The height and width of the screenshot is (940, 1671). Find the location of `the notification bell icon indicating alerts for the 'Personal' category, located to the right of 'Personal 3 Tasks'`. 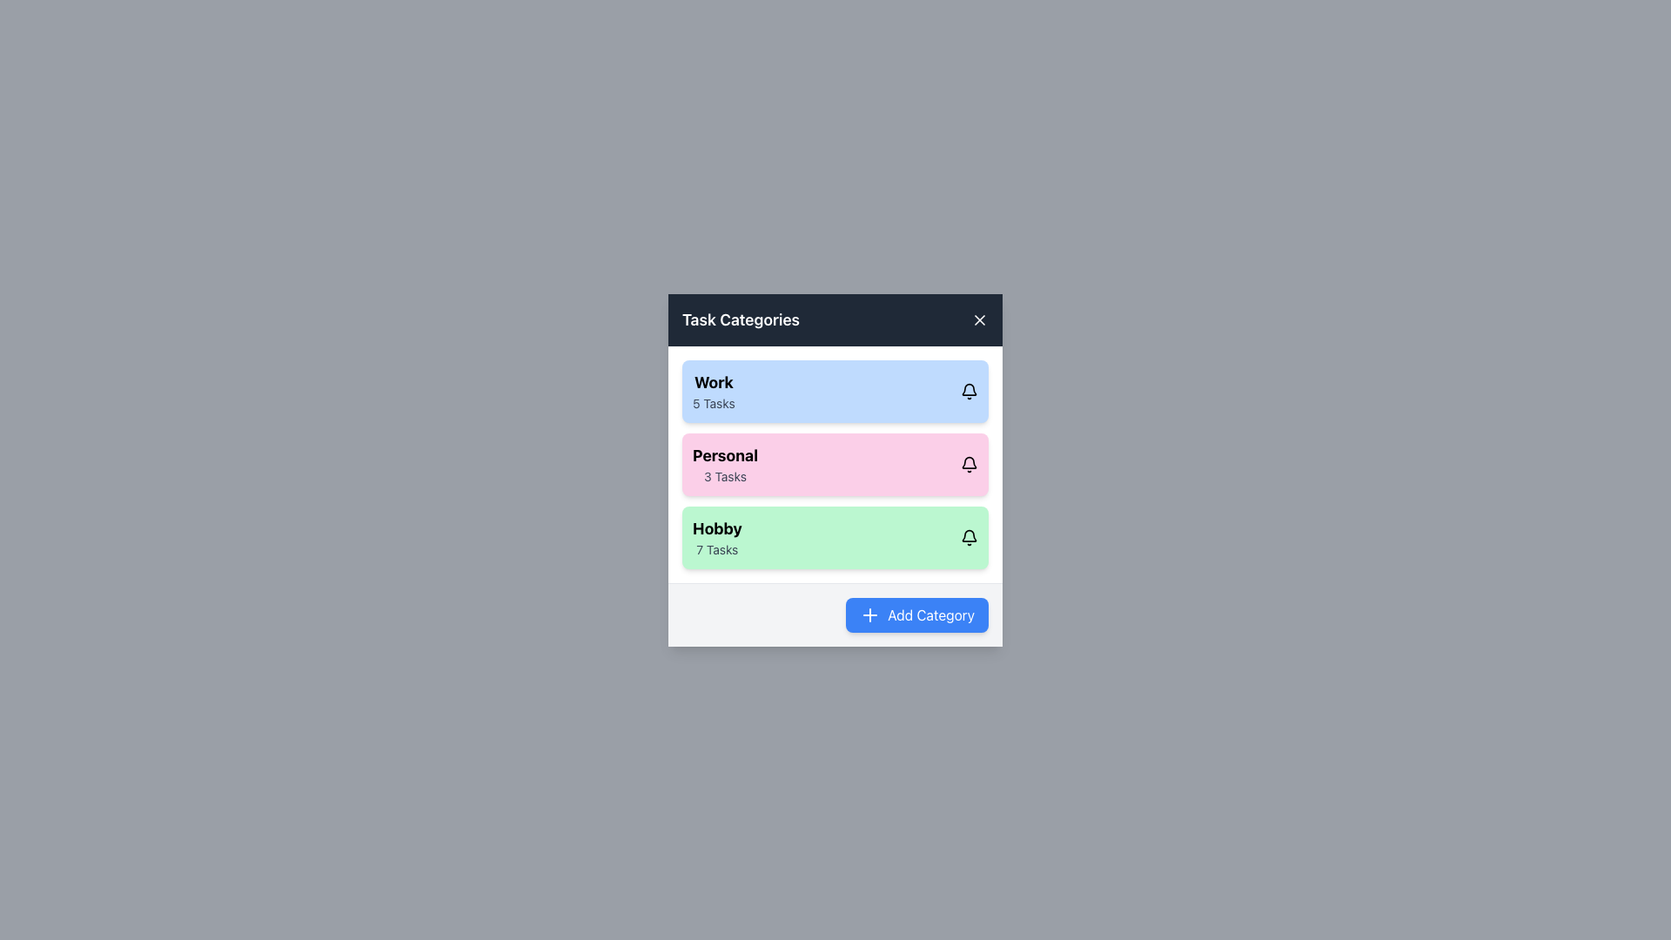

the notification bell icon indicating alerts for the 'Personal' category, located to the right of 'Personal 3 Tasks' is located at coordinates (968, 463).